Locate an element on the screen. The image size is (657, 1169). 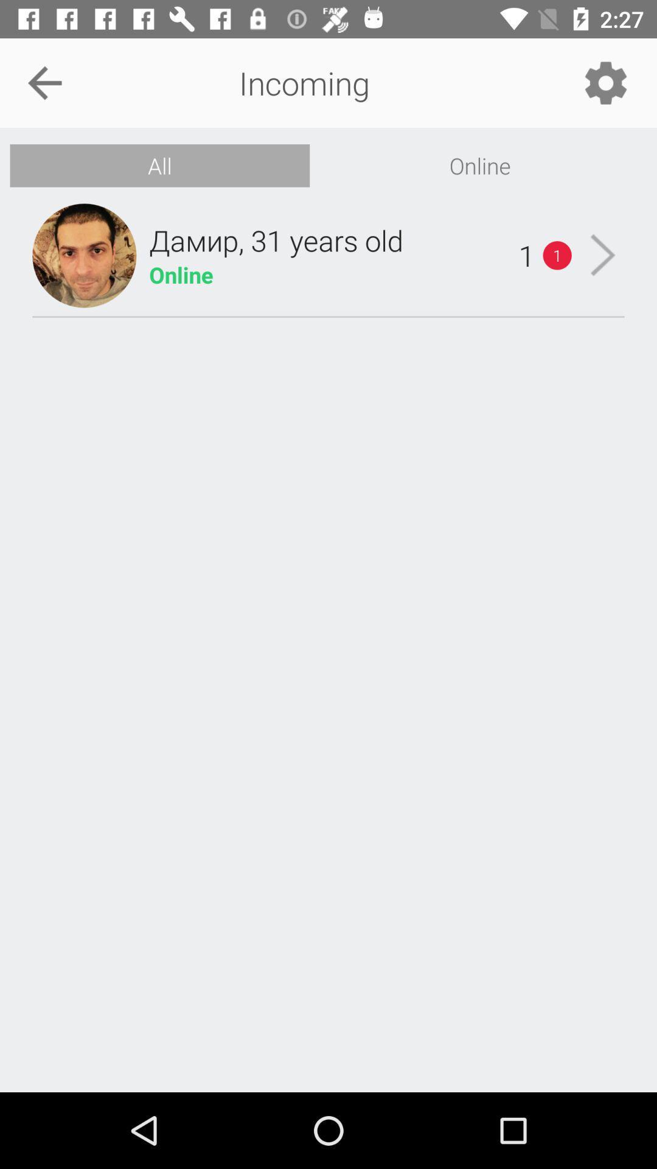
the icon below all item is located at coordinates (276, 240).